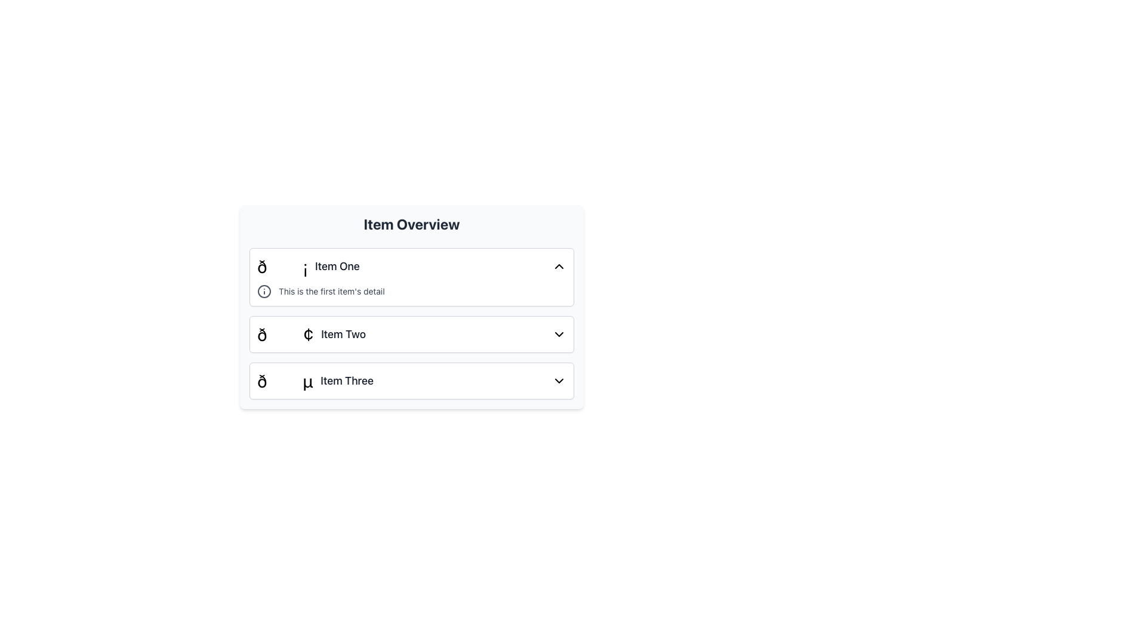 Image resolution: width=1146 pixels, height=644 pixels. Describe the element at coordinates (315, 381) in the screenshot. I see `the third list item, which contains a black symbol 'ð' and the text 'Item Three' in bold` at that location.